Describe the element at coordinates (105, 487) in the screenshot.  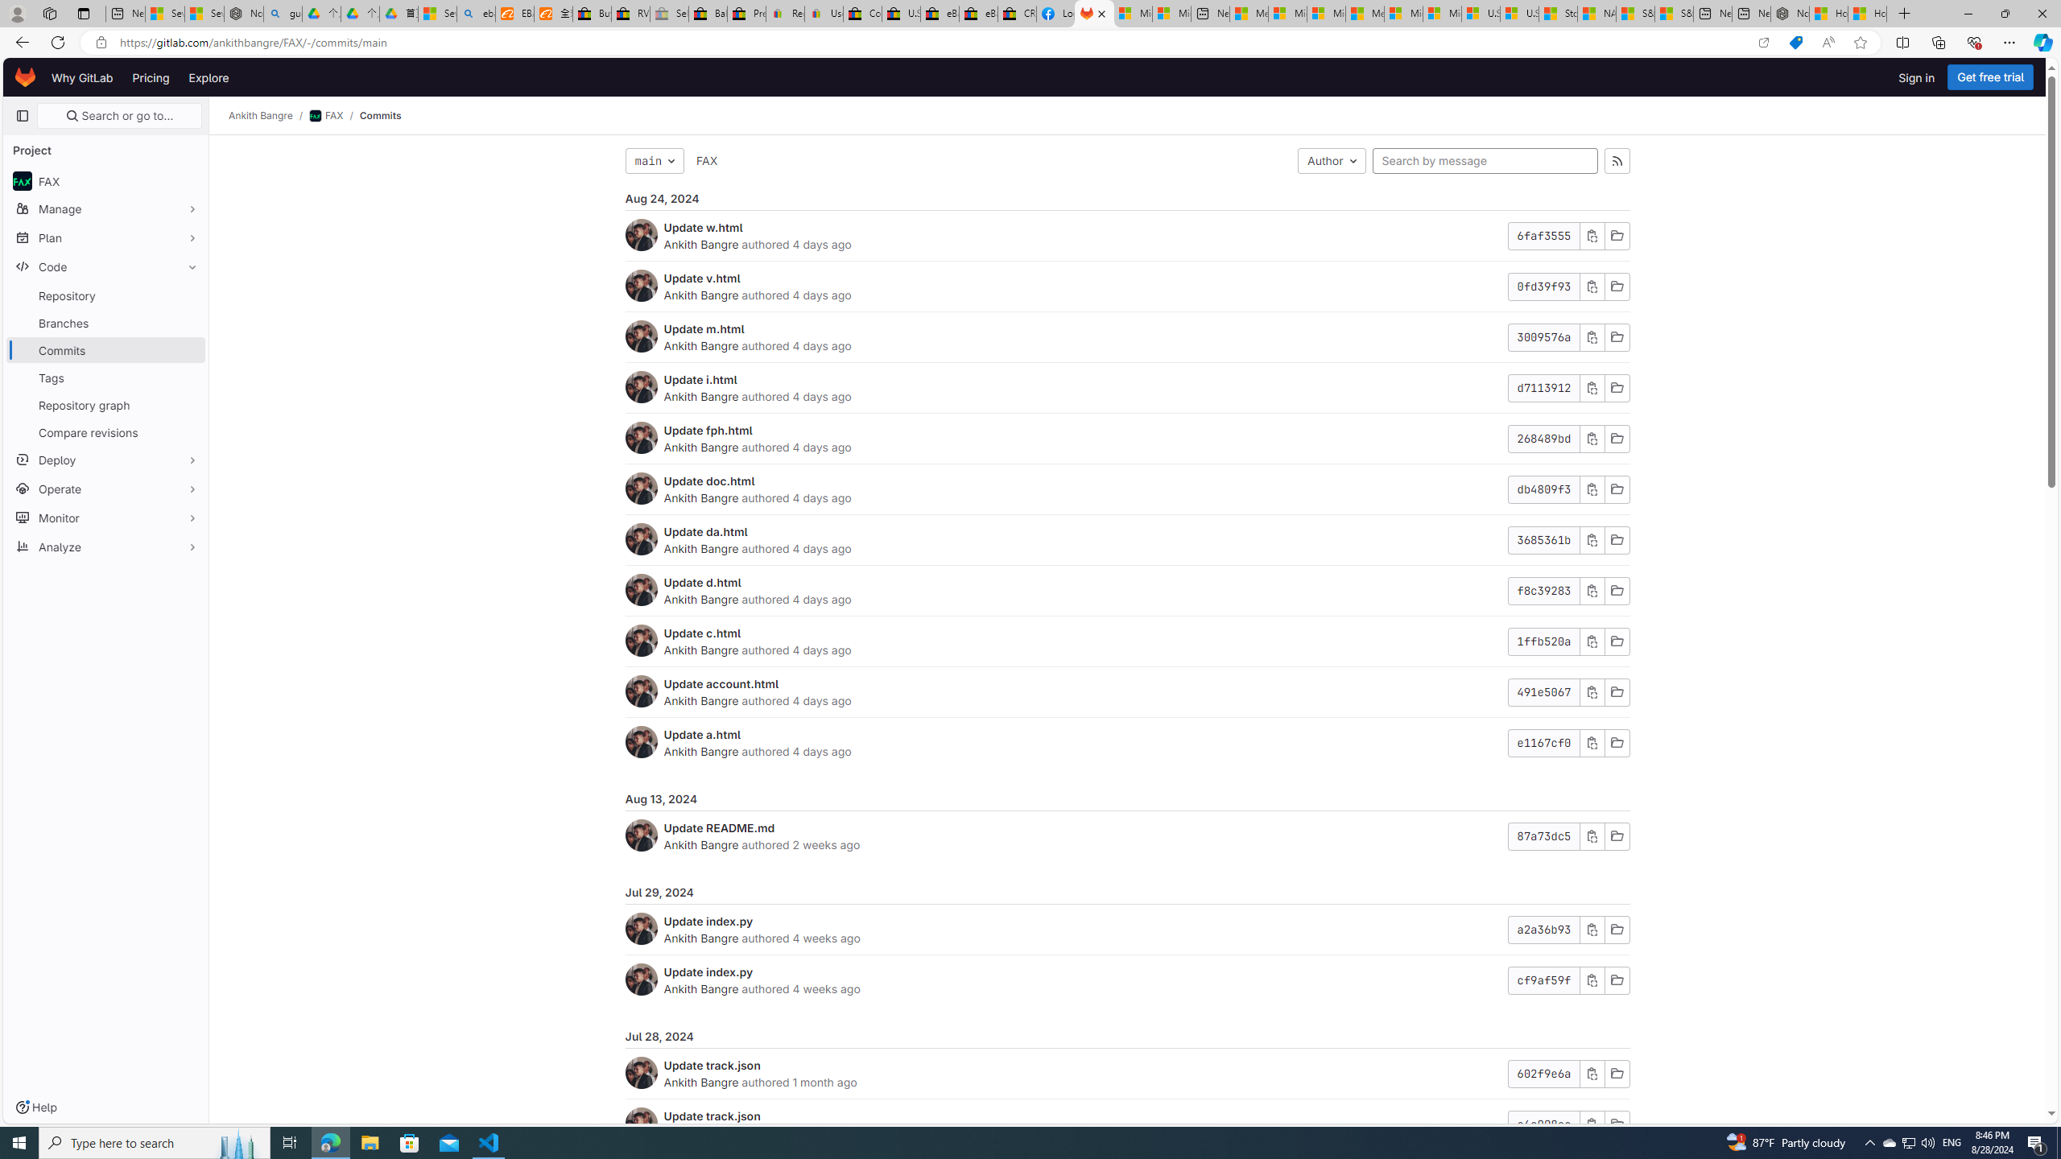
I see `'Operate'` at that location.